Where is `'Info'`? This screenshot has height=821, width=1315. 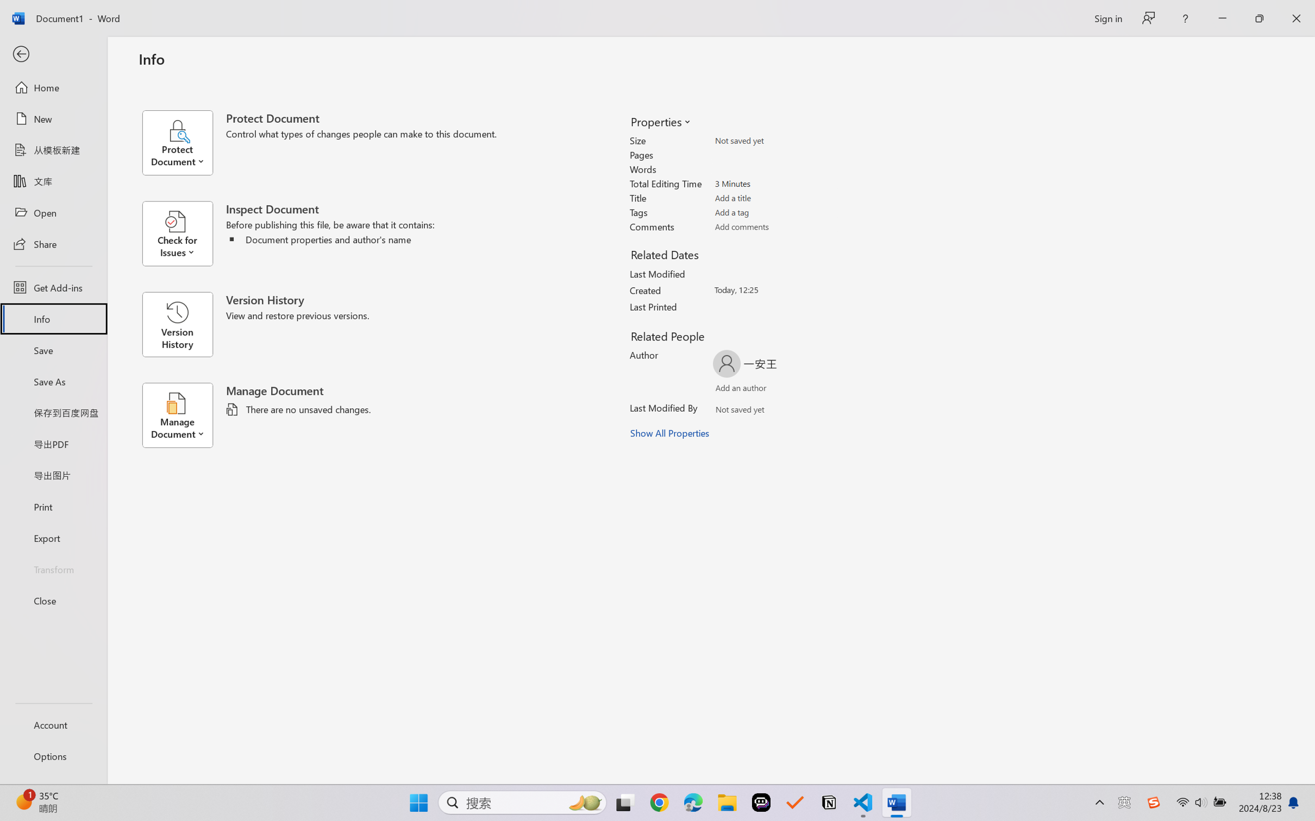 'Info' is located at coordinates (53, 318).